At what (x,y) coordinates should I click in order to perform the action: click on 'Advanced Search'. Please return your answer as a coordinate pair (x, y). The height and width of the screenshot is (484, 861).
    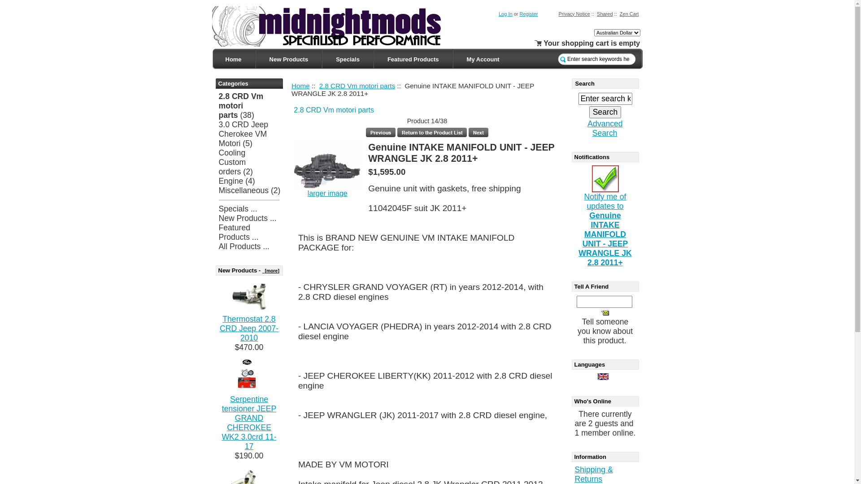
    Looking at the image, I should click on (587, 128).